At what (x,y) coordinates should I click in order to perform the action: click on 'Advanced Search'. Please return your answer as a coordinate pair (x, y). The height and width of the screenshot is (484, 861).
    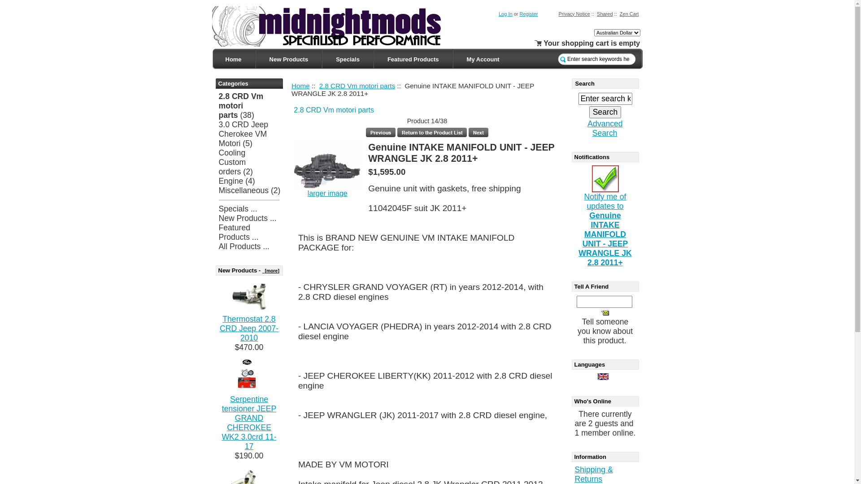
    Looking at the image, I should click on (587, 128).